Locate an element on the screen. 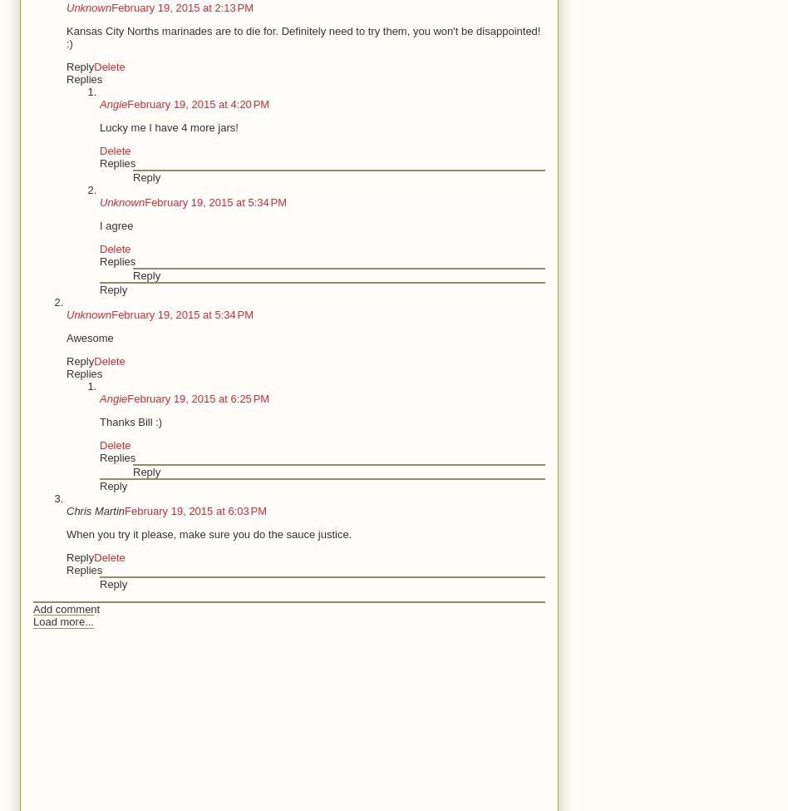 This screenshot has height=811, width=788. 'Thanks Bill :)' is located at coordinates (99, 421).